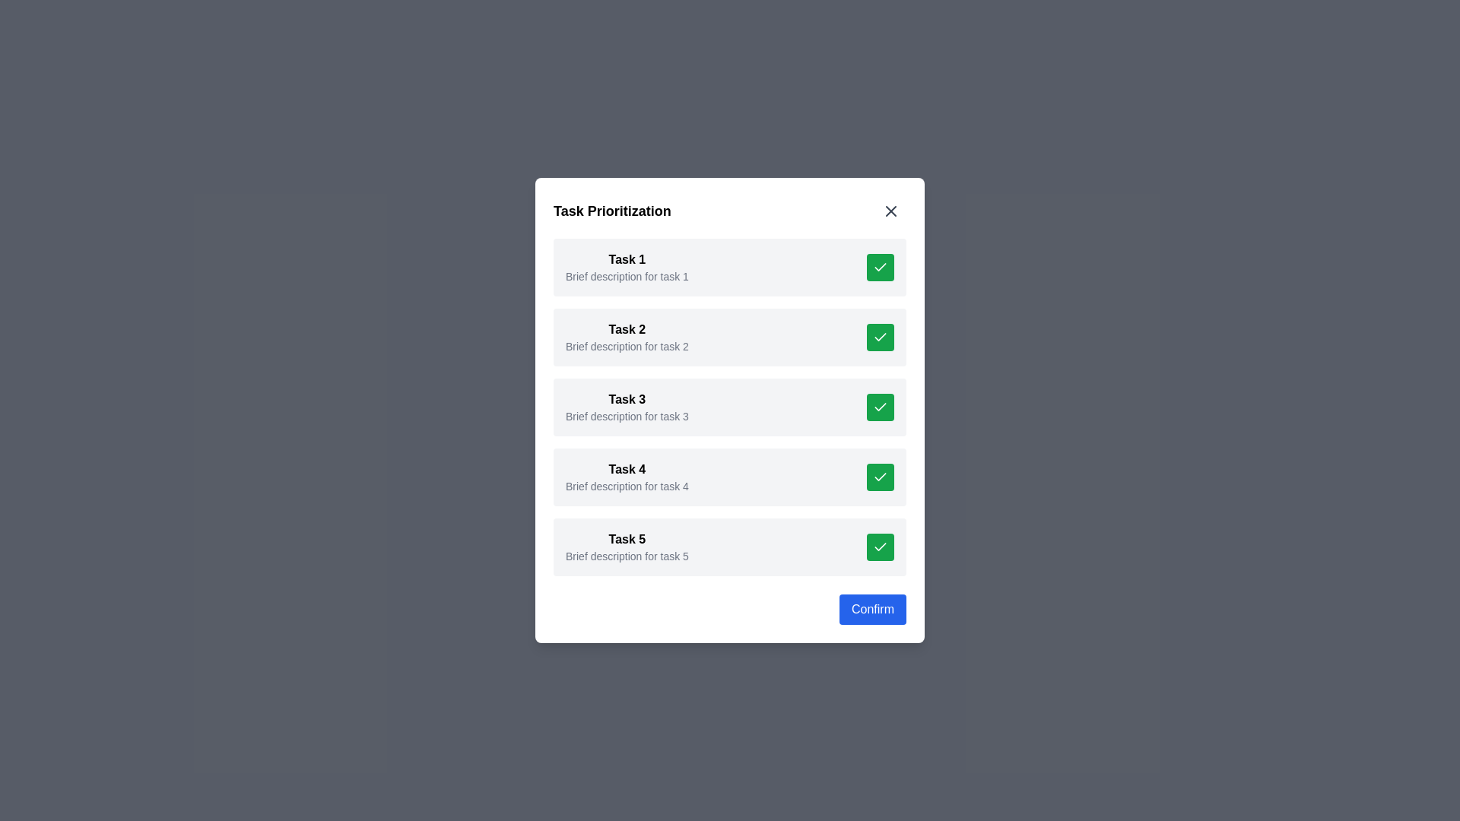  I want to click on the status depicted by the checkmark icon associated with 'Task 4', which is a green rounded rectangle located on the right side of the fourth row in the center modal, so click(880, 476).